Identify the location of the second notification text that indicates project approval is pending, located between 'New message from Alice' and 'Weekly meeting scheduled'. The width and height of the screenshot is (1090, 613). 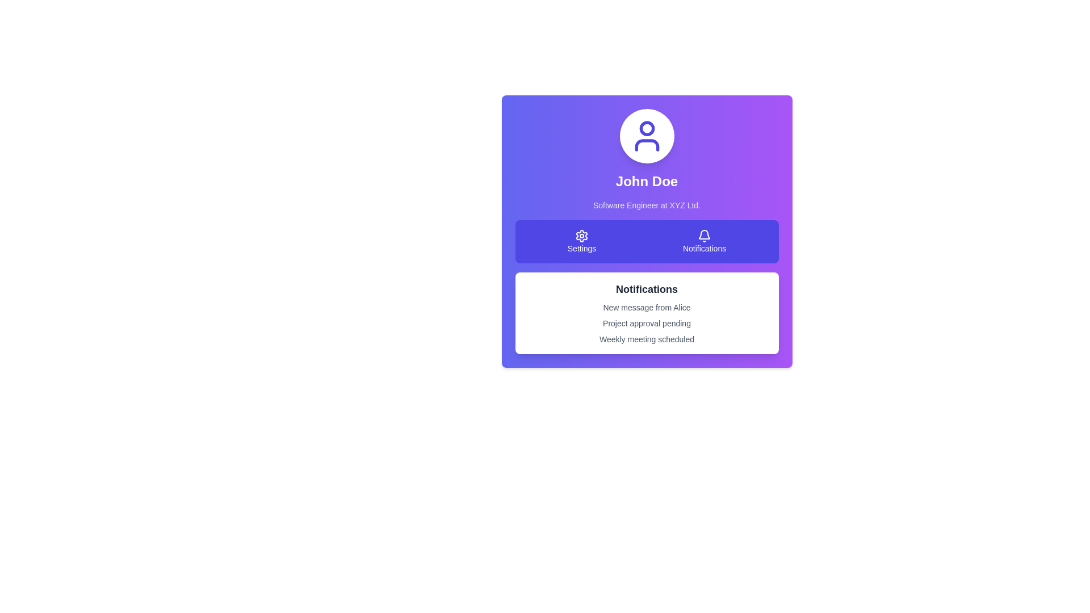
(647, 324).